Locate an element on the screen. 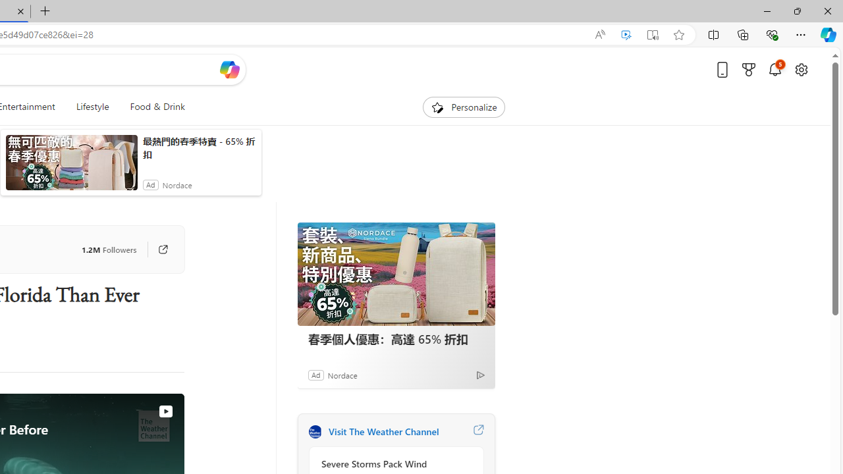  'Lifestyle' is located at coordinates (92, 107).